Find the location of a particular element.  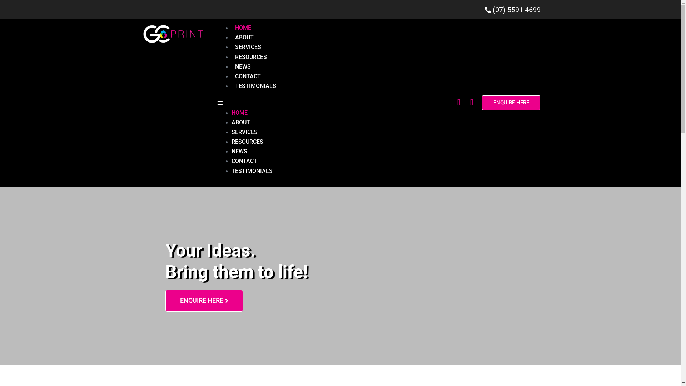

'RESOURCES' is located at coordinates (247, 142).